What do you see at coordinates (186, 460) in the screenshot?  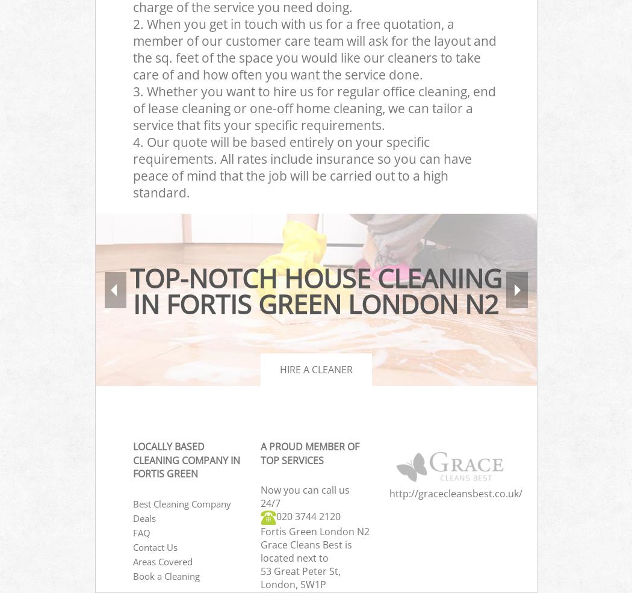 I see `'Locally Based Cleaning Company in Fortis Green'` at bounding box center [186, 460].